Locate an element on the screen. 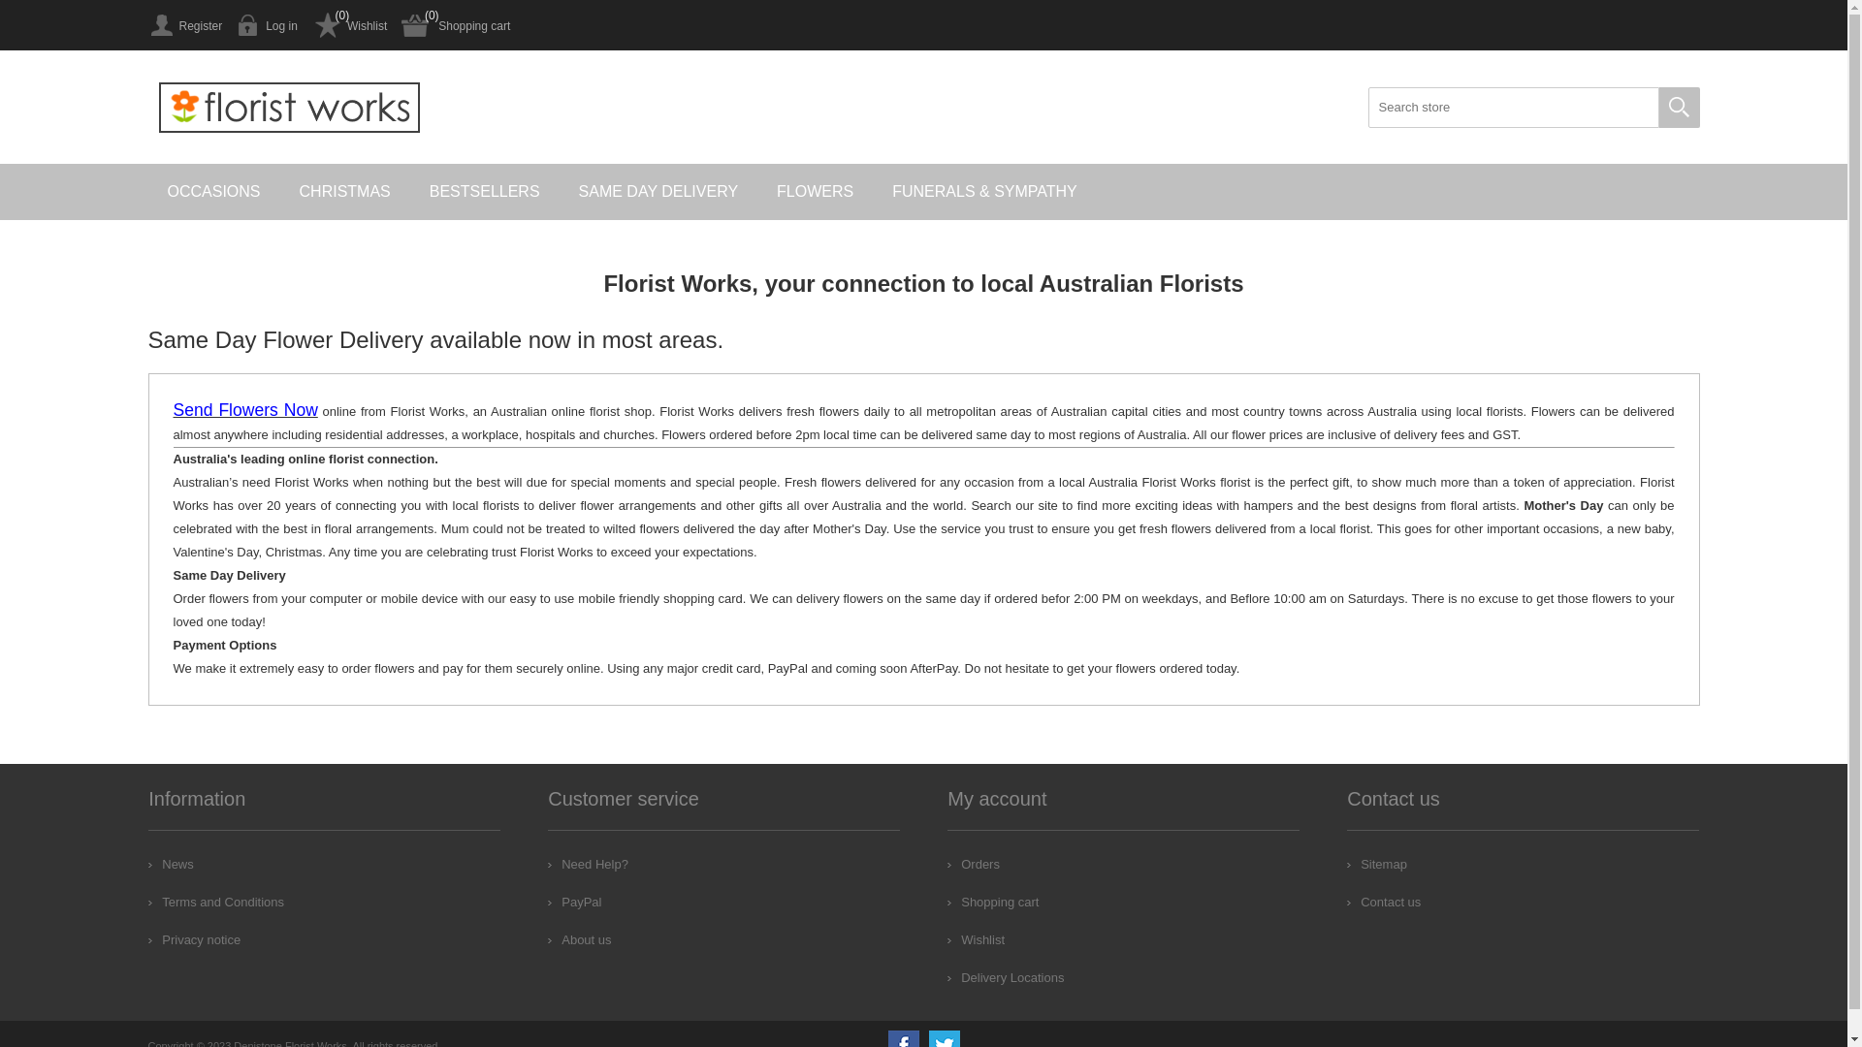 The width and height of the screenshot is (1862, 1047). 'Sitemap' is located at coordinates (1376, 863).